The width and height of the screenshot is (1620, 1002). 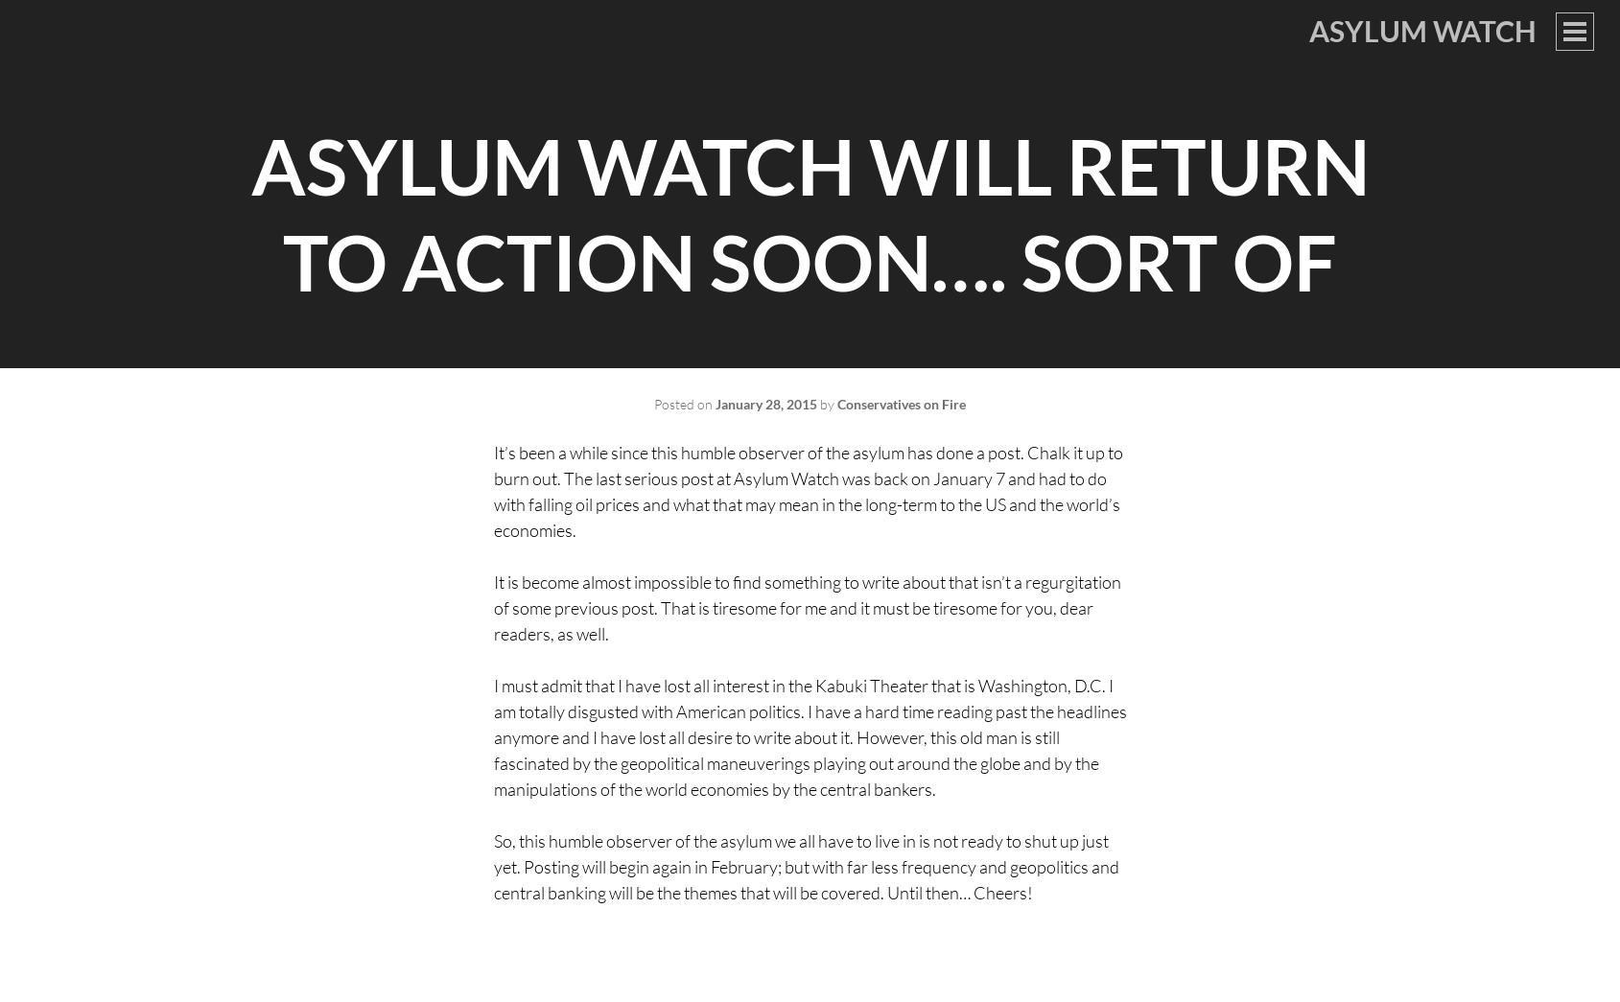 What do you see at coordinates (827, 404) in the screenshot?
I see `'by'` at bounding box center [827, 404].